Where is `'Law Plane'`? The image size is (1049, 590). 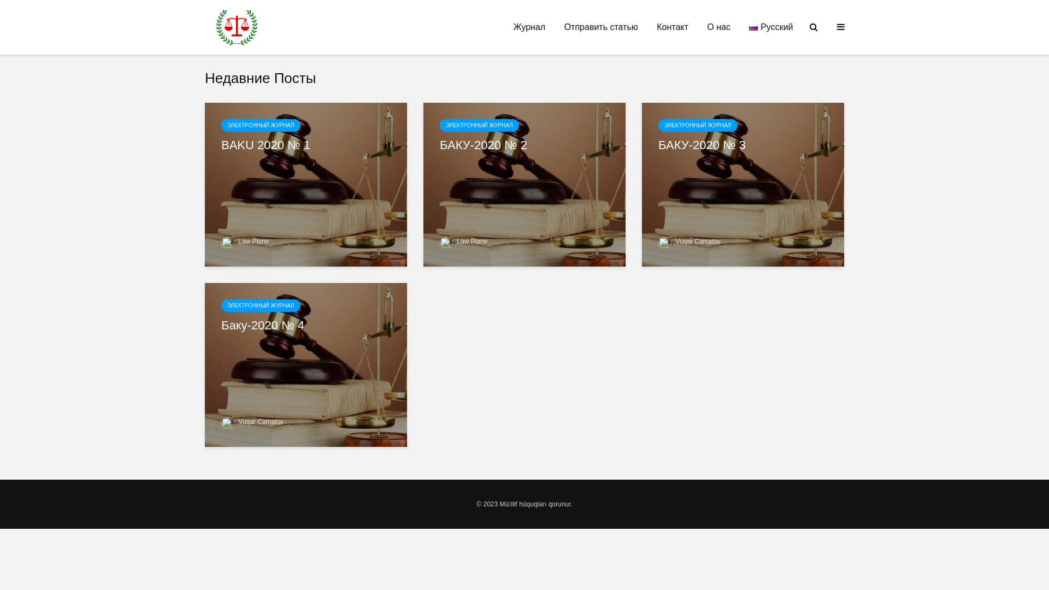 'Law Plane' is located at coordinates (463, 241).